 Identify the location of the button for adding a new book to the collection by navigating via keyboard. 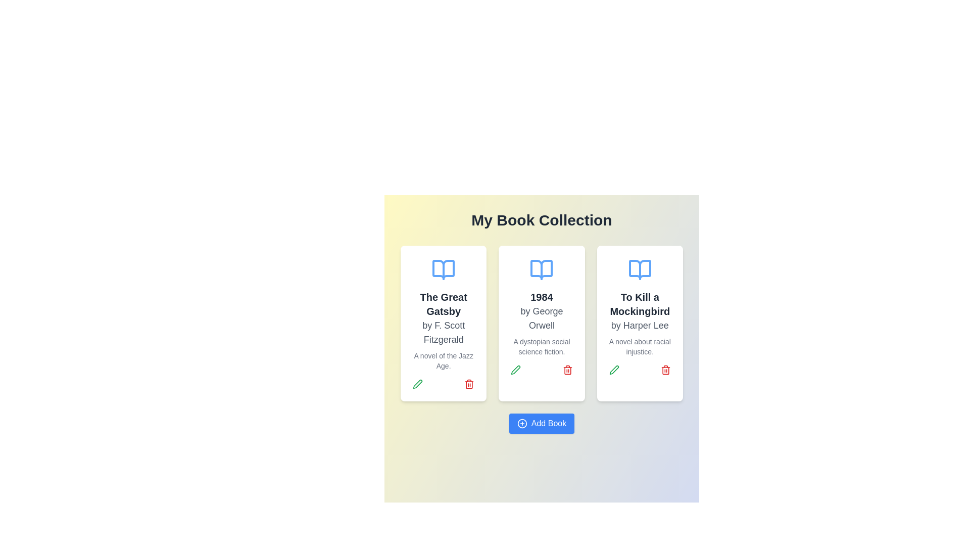
(541, 423).